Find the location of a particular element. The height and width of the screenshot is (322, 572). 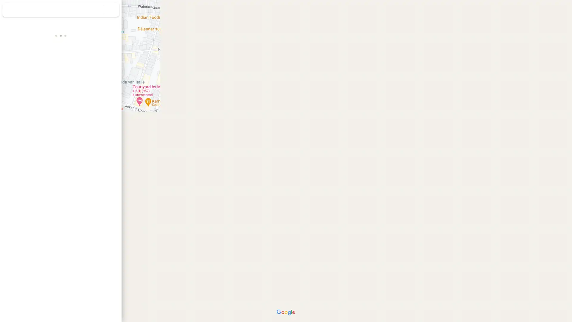

Drukpersstraat 35 naar je telefoon sturen is located at coordinates (82, 106).